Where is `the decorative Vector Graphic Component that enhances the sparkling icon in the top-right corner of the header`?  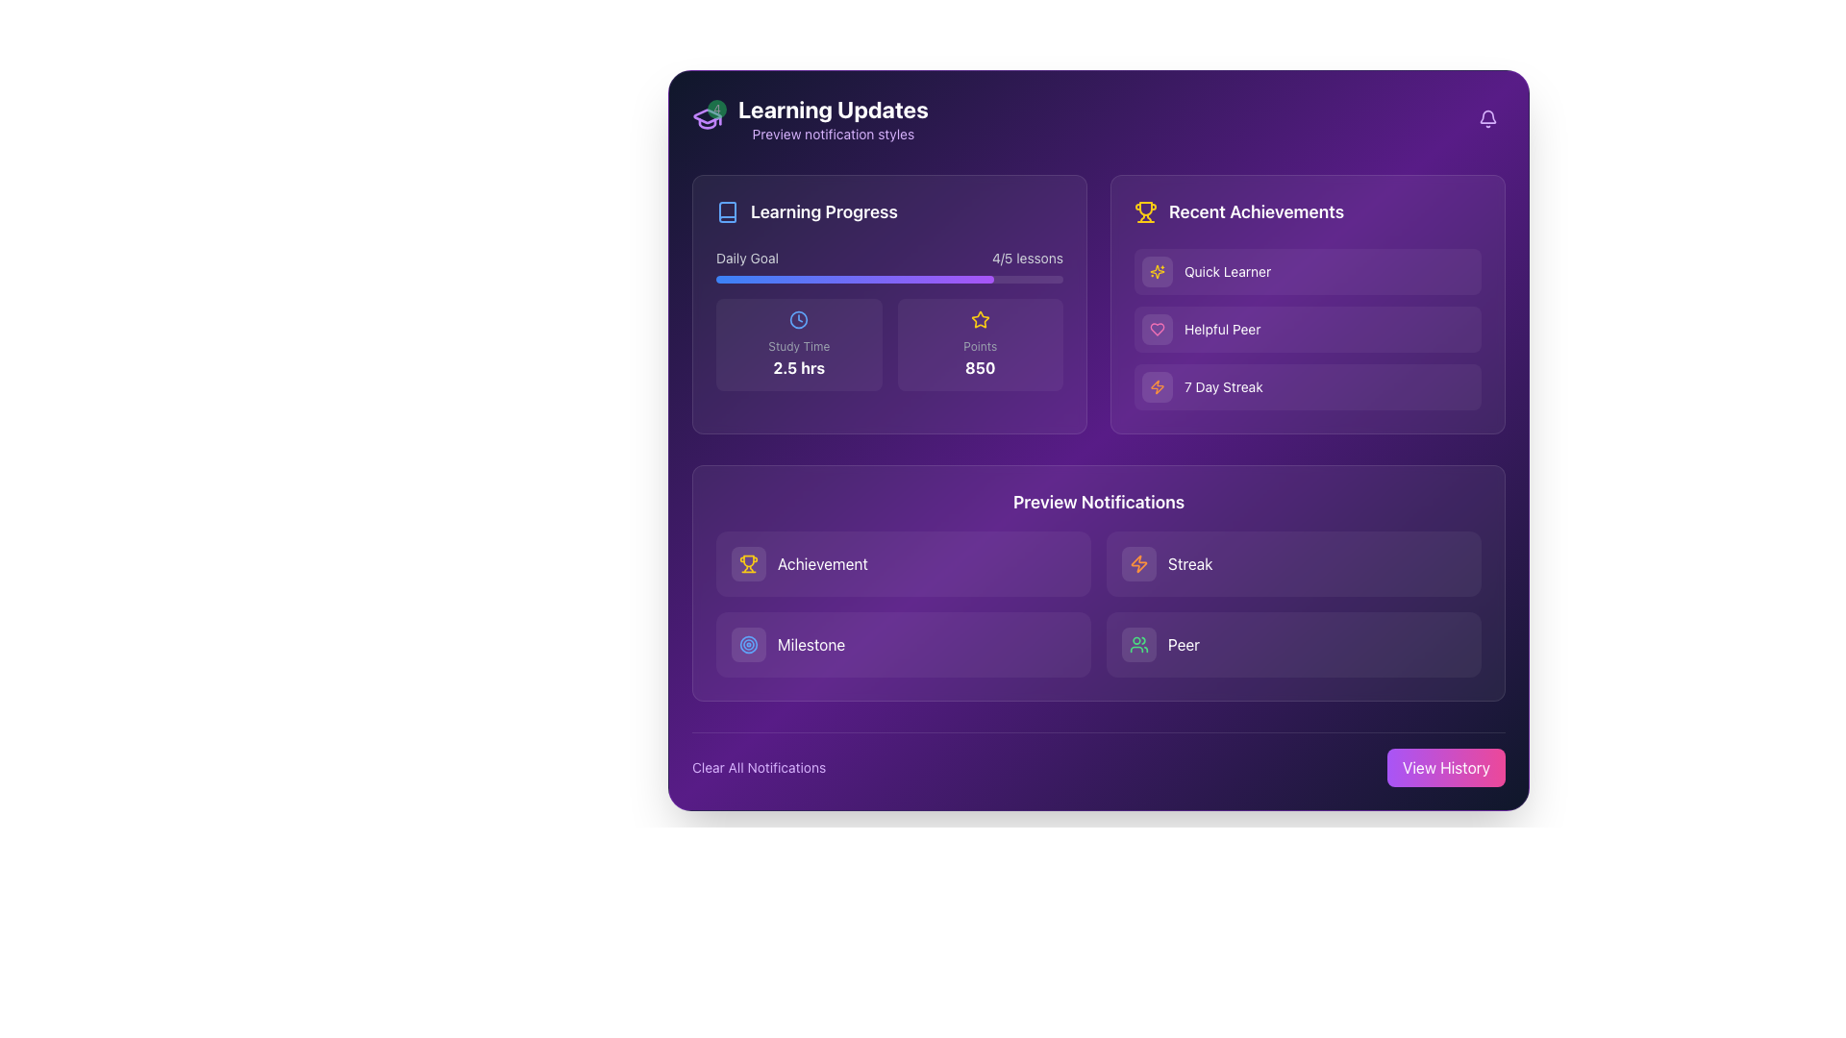 the decorative Vector Graphic Component that enhances the sparkling icon in the top-right corner of the header is located at coordinates (1157, 271).